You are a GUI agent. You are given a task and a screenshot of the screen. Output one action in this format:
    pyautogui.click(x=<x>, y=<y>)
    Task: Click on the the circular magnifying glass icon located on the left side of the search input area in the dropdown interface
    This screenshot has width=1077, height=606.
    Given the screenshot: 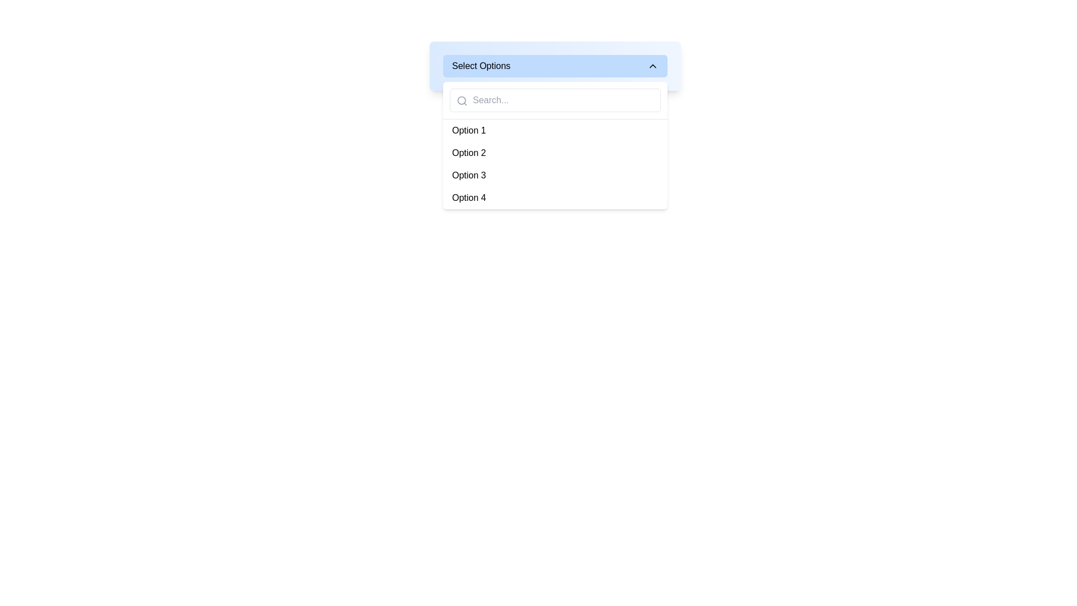 What is the action you would take?
    pyautogui.click(x=462, y=100)
    